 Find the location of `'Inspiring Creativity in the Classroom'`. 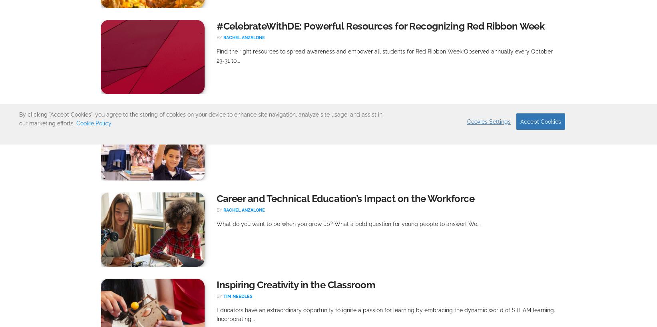

'Inspiring Creativity in the Classroom' is located at coordinates (296, 284).